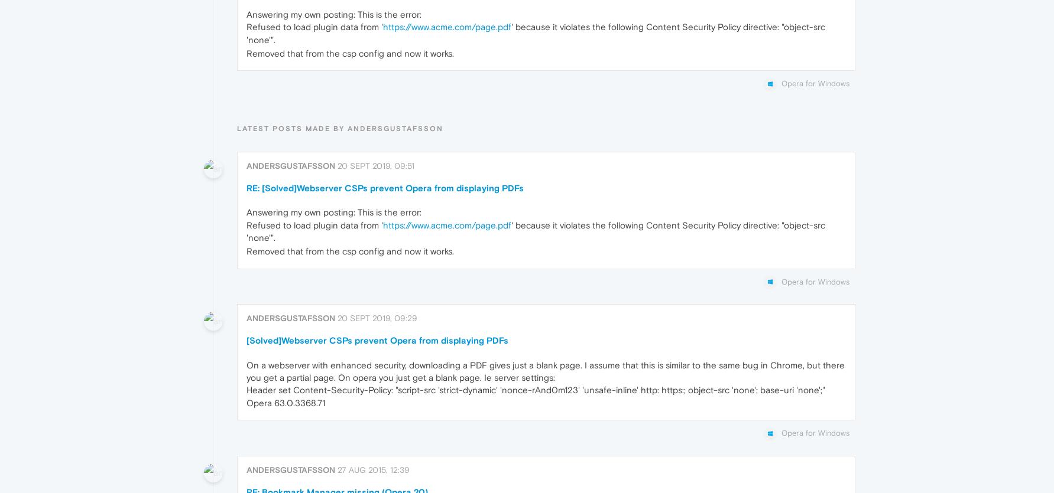 The image size is (1054, 493). What do you see at coordinates (384, 187) in the screenshot?
I see `'RE: [Solved]Webserver CSPs prevent Opera from displaying PDFs'` at bounding box center [384, 187].